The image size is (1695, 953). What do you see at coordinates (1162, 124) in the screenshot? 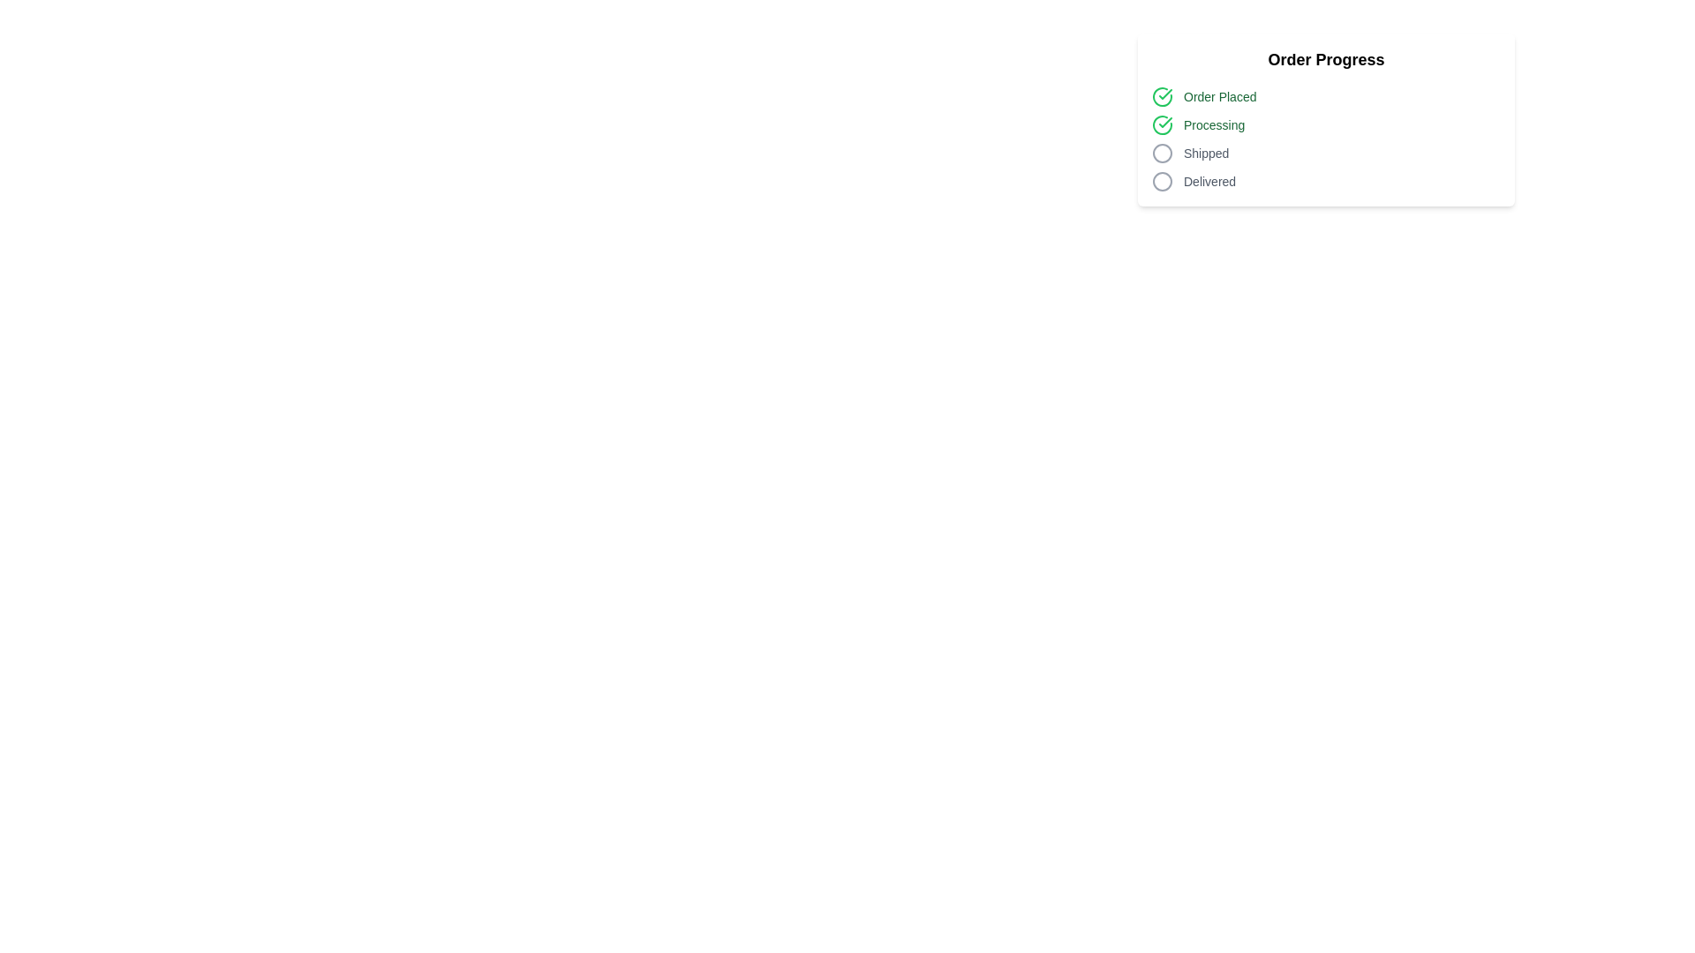
I see `the green check mark icon within a circular outline that indicates a completed state, located to the upper-left of the 'Processing' entry in the 'Order Progress' tracker` at bounding box center [1162, 124].